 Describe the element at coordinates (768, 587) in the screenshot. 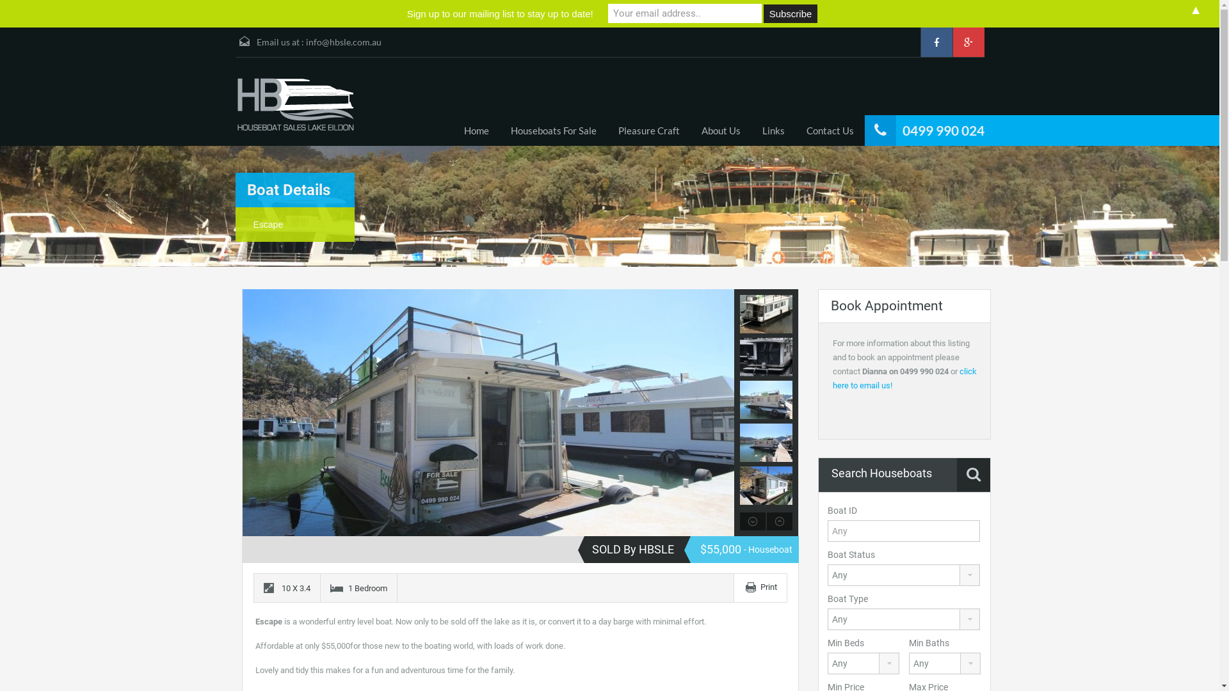

I see `'Print'` at that location.